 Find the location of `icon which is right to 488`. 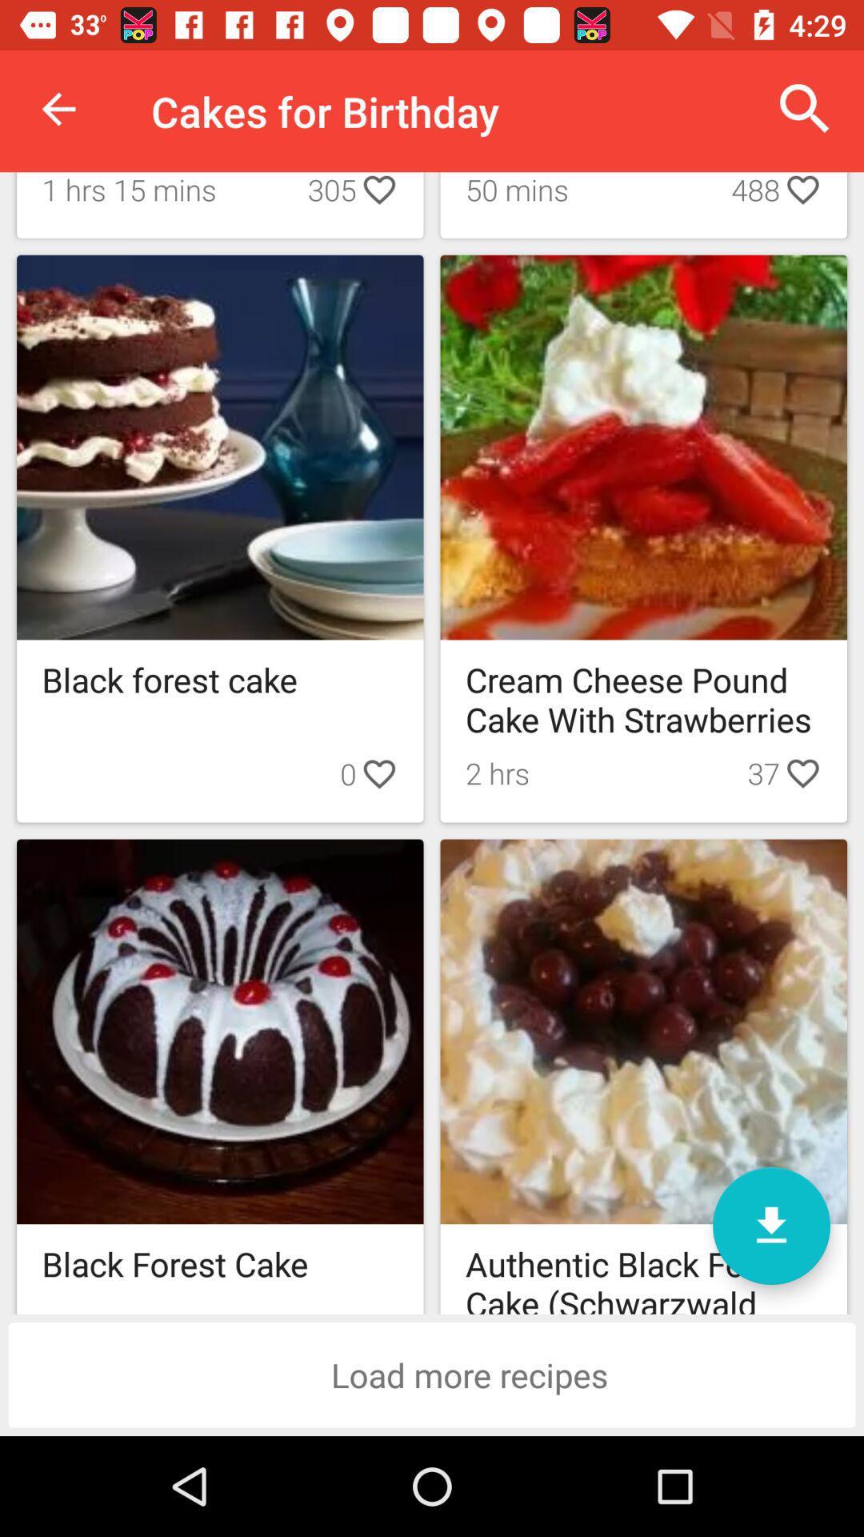

icon which is right to 488 is located at coordinates (802, 195).